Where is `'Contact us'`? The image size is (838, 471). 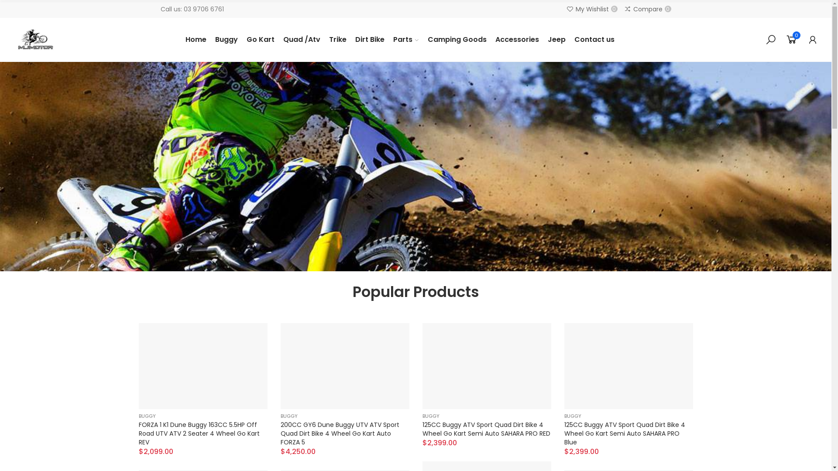 'Contact us' is located at coordinates (594, 40).